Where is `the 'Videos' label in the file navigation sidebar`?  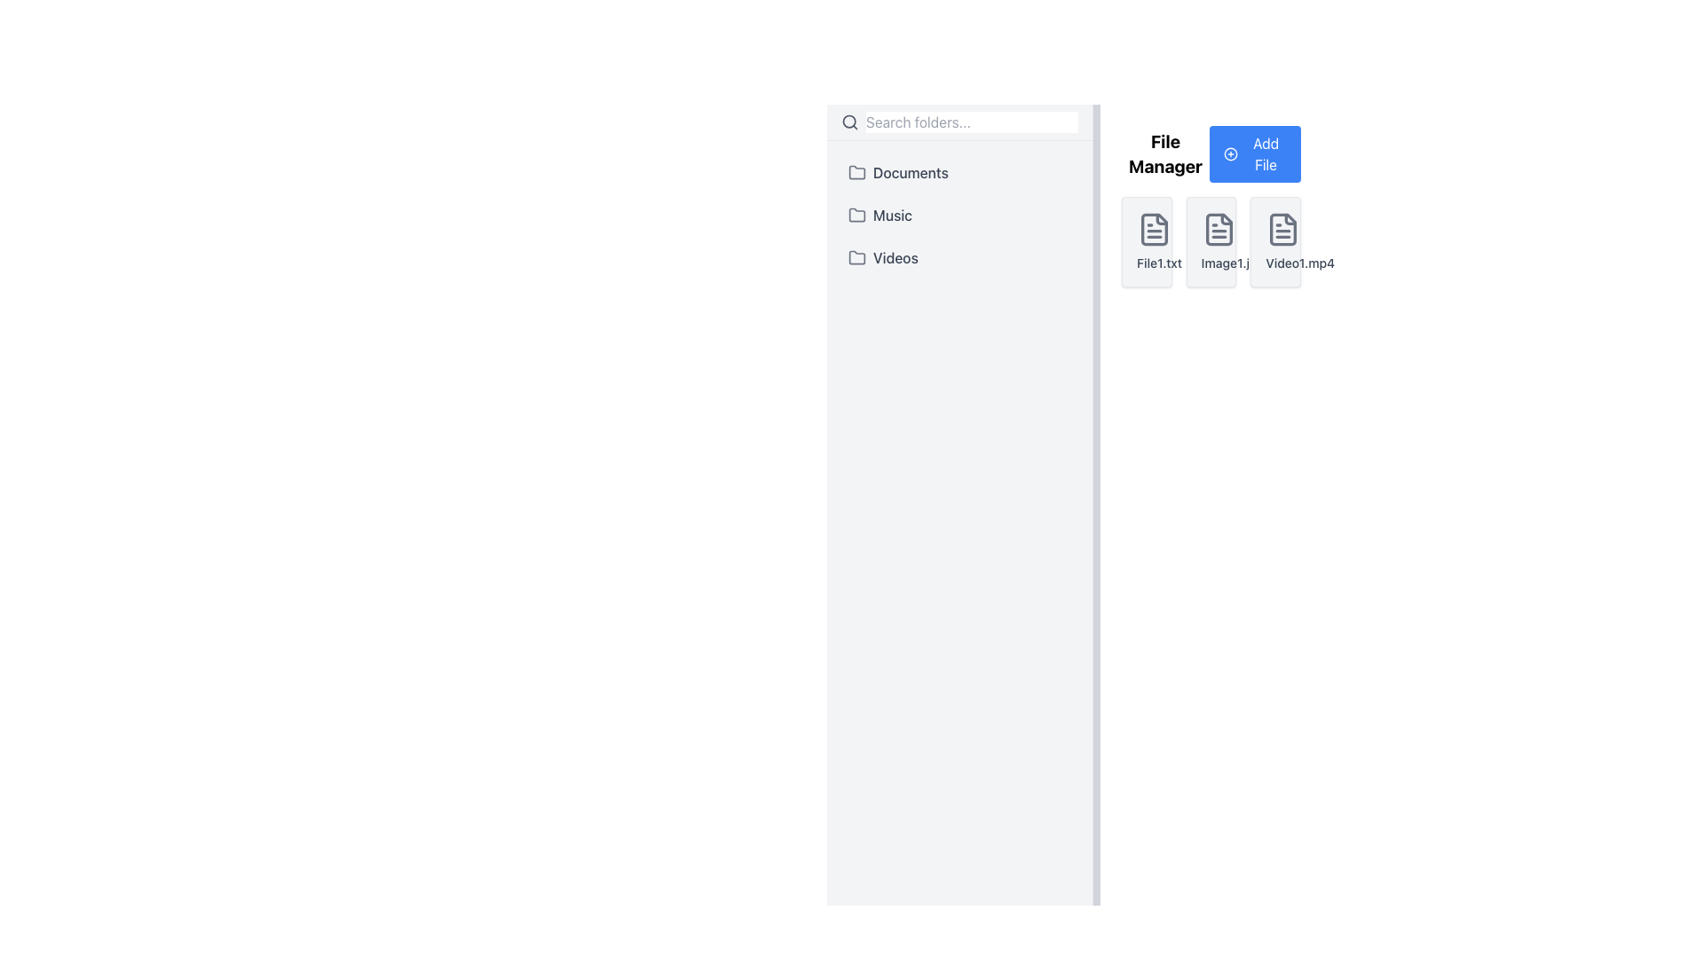
the 'Videos' label in the file navigation sidebar is located at coordinates (895, 257).